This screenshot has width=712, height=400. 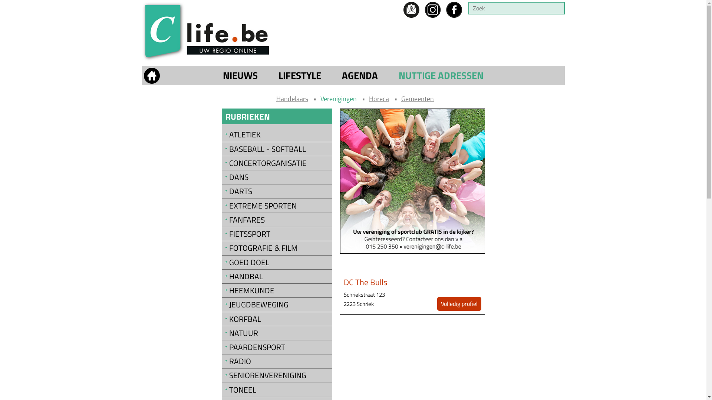 What do you see at coordinates (225, 177) in the screenshot?
I see `'DANS'` at bounding box center [225, 177].